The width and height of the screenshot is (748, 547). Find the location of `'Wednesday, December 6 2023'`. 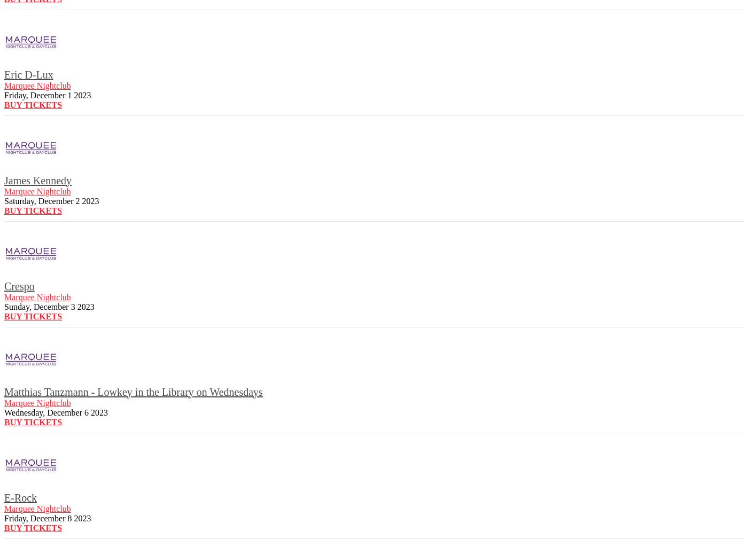

'Wednesday, December 6 2023' is located at coordinates (4, 412).